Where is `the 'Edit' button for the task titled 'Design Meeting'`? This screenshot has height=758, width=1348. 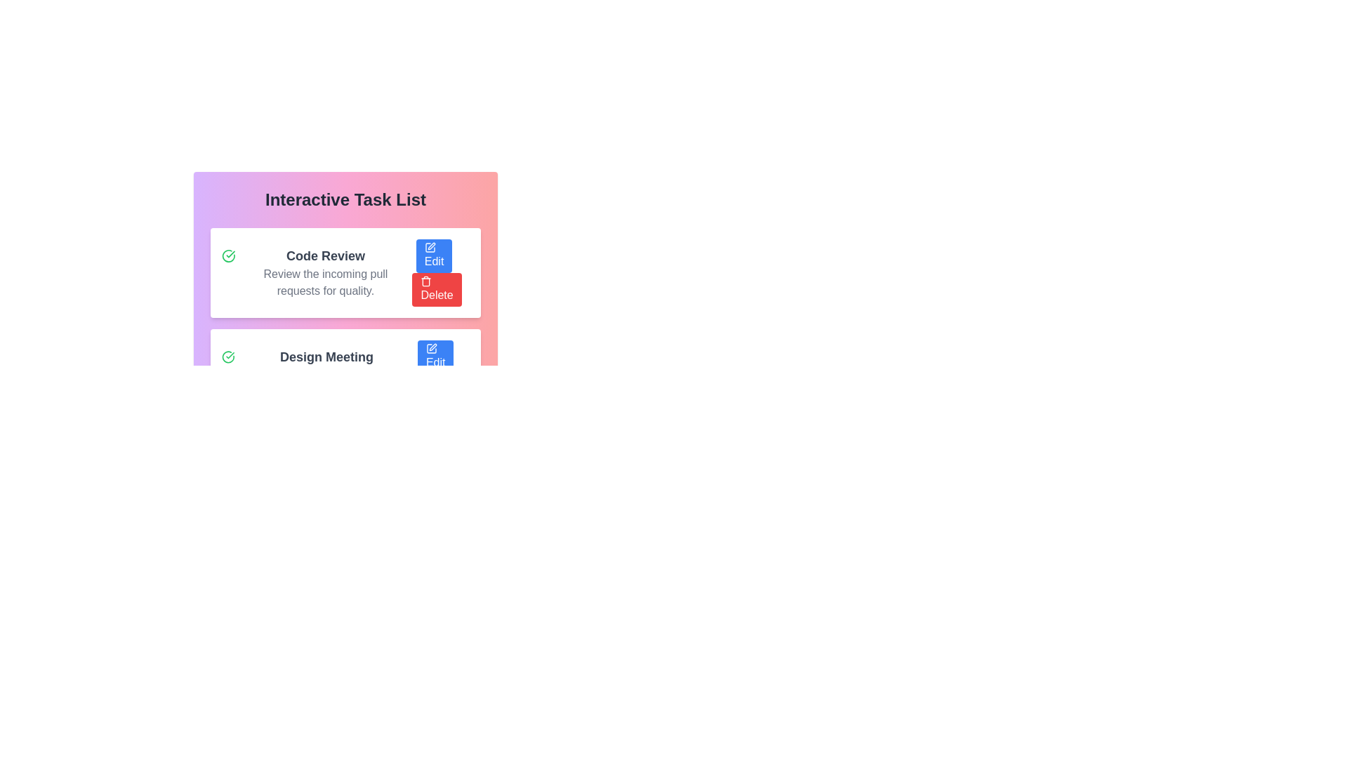
the 'Edit' button for the task titled 'Design Meeting' is located at coordinates (435, 357).